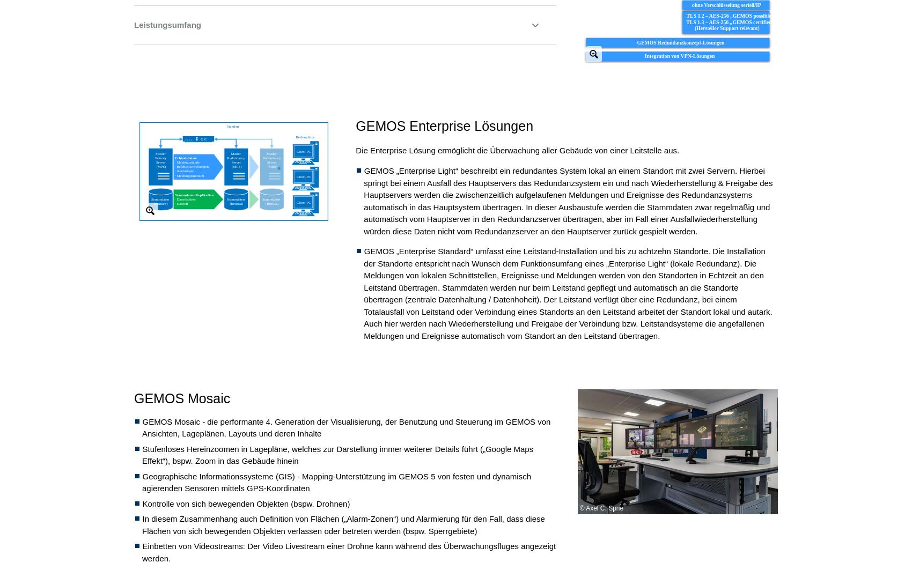  I want to click on 'GEMOS Mosaic - die performante 4. Generation der Visualisierung, der Benutzung und Steuerung im GEMOS von Ansichten, Lageplänen, Layouts und deren Inhalte', so click(346, 427).